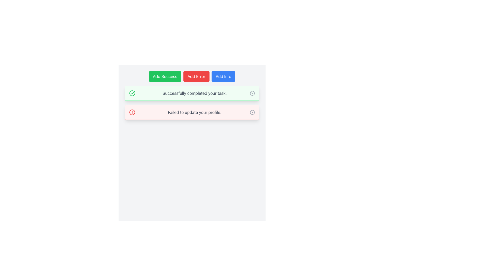  Describe the element at coordinates (132, 93) in the screenshot. I see `the success icon located at the far left of the green notification bar that confirms task completion` at that location.